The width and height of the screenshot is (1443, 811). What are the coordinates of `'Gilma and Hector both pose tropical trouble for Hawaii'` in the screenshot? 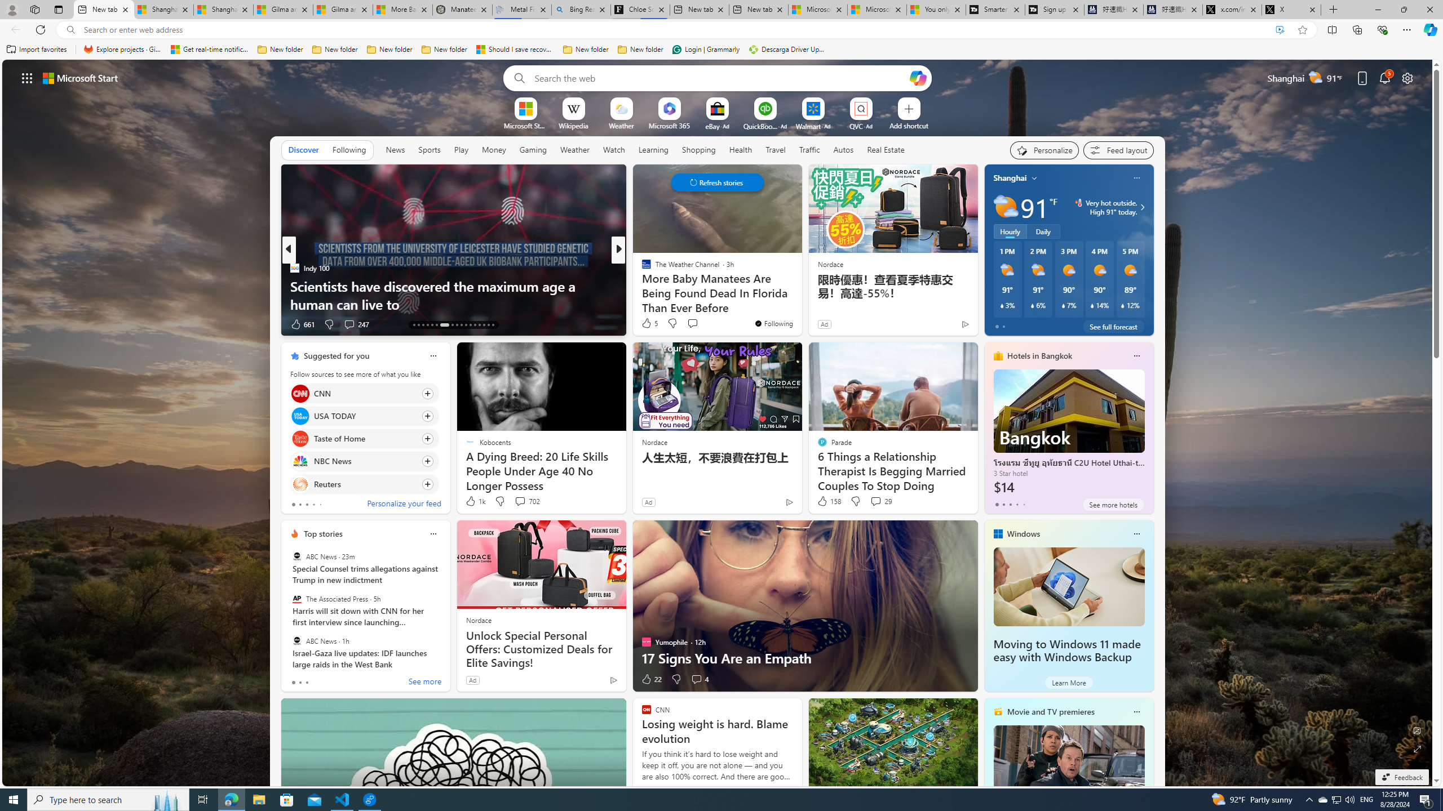 It's located at (343, 9).